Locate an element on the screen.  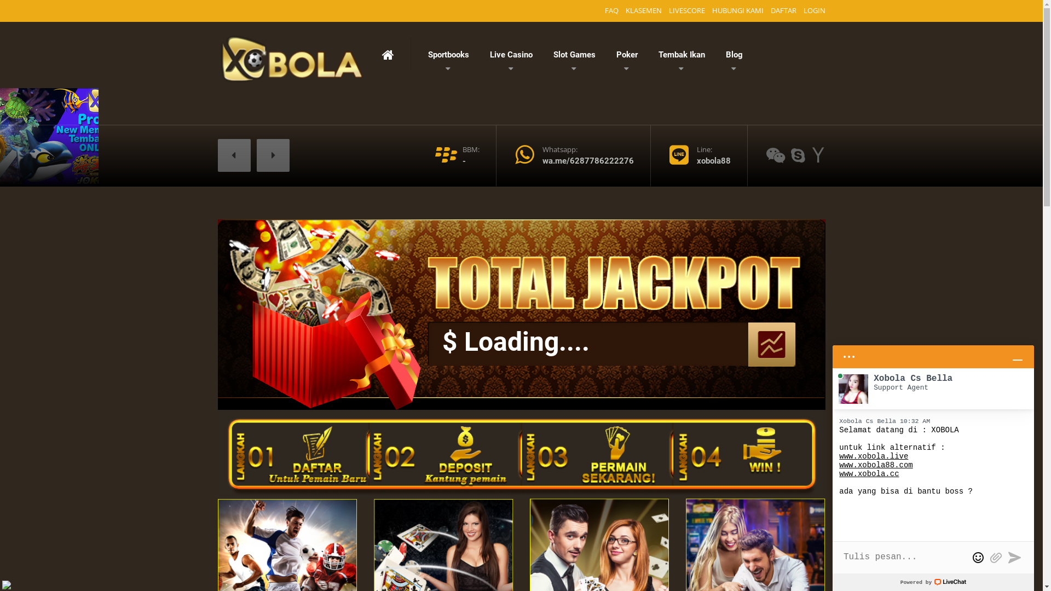
'Sportbooks' is located at coordinates (448, 55).